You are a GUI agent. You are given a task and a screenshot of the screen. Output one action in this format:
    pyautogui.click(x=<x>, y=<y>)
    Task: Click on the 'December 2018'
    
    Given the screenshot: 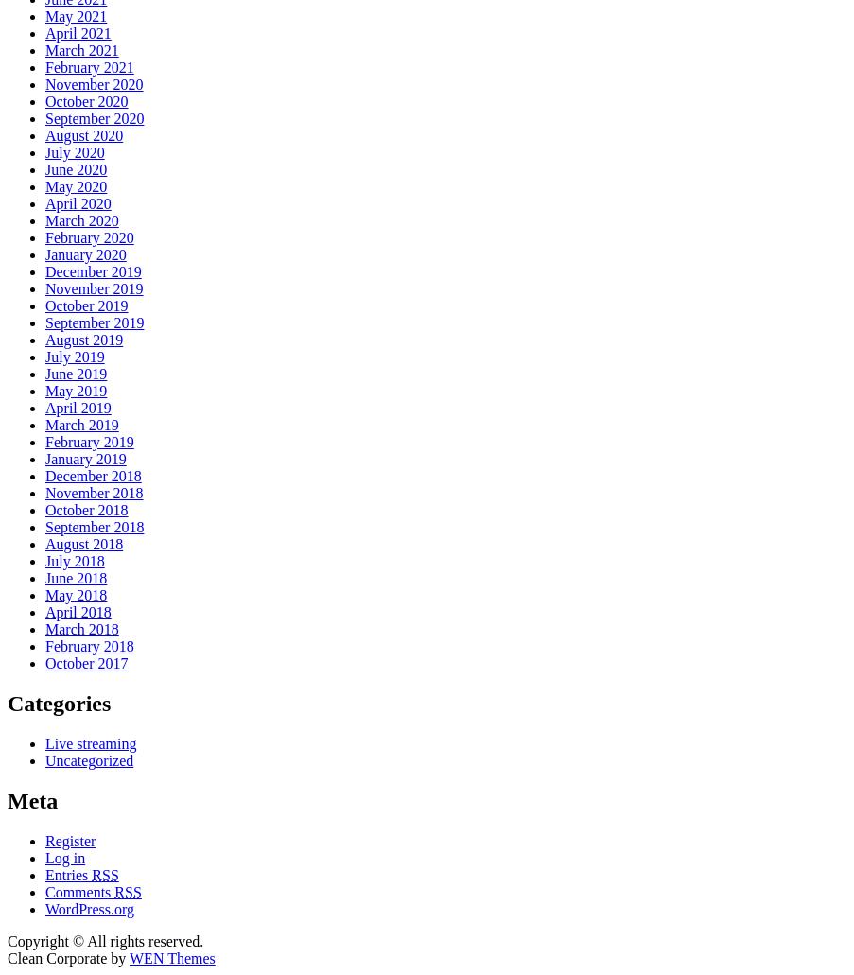 What is the action you would take?
    pyautogui.click(x=93, y=476)
    